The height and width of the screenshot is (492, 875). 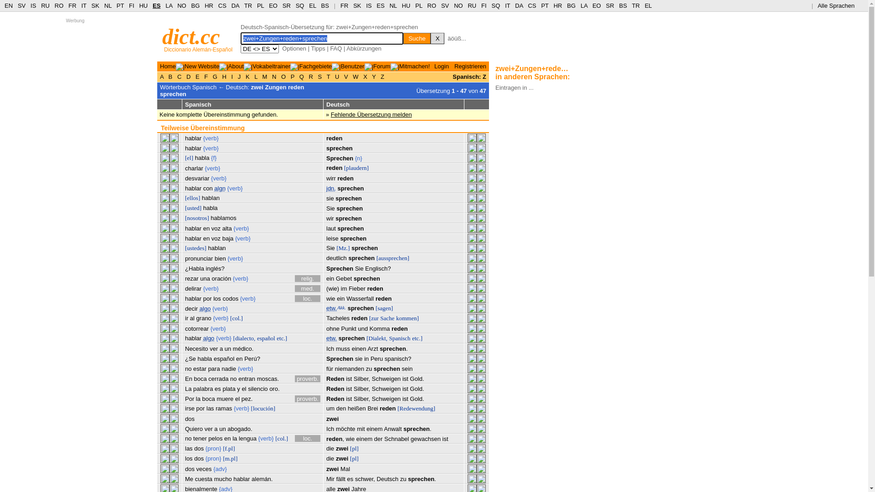 What do you see at coordinates (393, 258) in the screenshot?
I see `'[aussprechen]'` at bounding box center [393, 258].